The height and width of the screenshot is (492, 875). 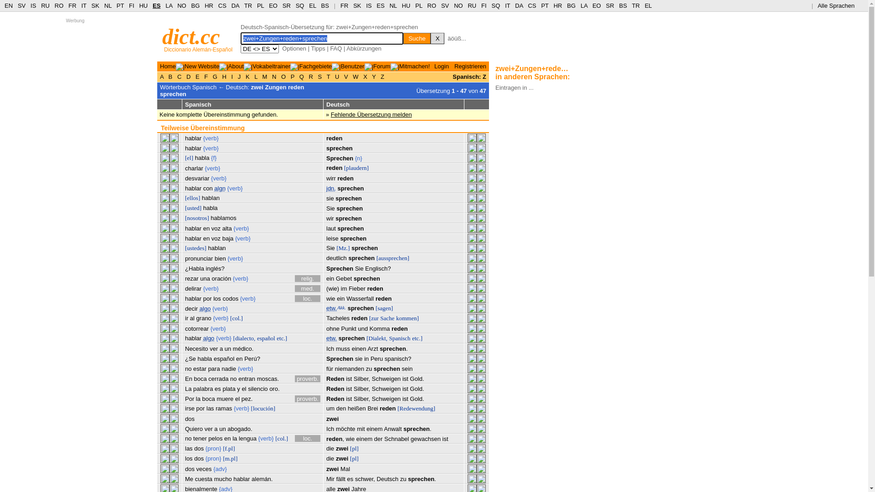 What do you see at coordinates (393, 258) in the screenshot?
I see `'[aussprechen]'` at bounding box center [393, 258].